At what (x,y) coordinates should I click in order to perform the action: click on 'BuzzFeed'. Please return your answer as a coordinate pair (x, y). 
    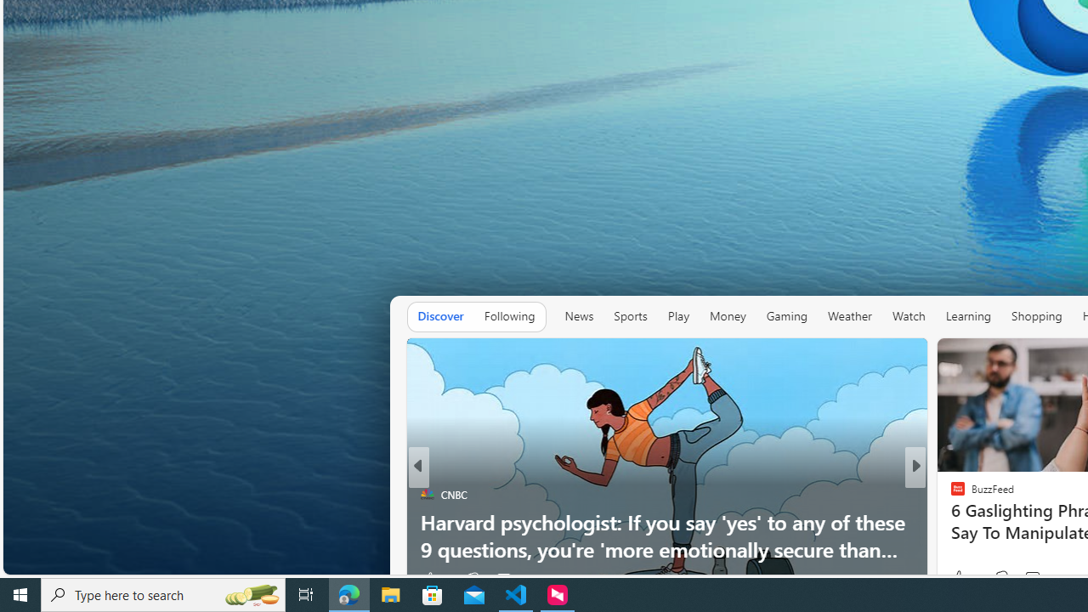
    Looking at the image, I should click on (949, 494).